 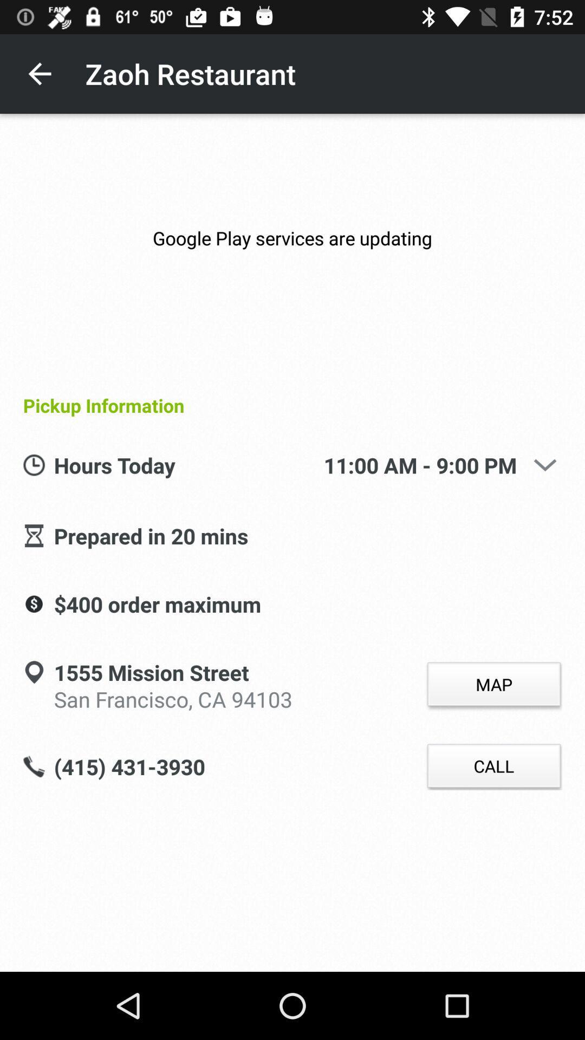 I want to click on the icon above the (415) 431-3930 item, so click(x=172, y=697).